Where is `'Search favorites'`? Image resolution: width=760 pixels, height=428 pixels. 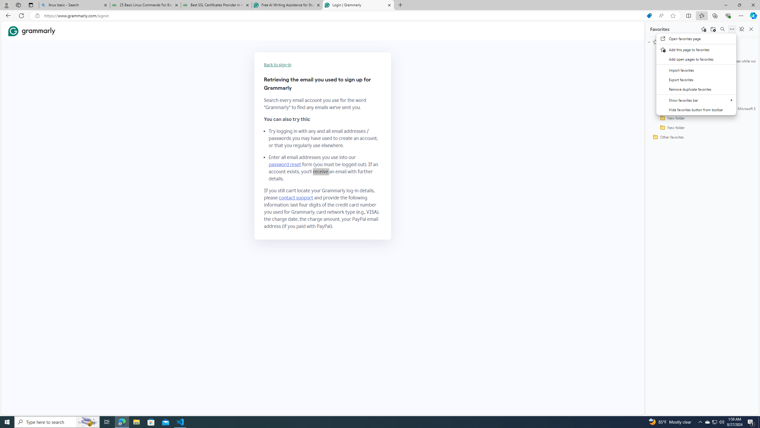
'Search favorites' is located at coordinates (722, 29).